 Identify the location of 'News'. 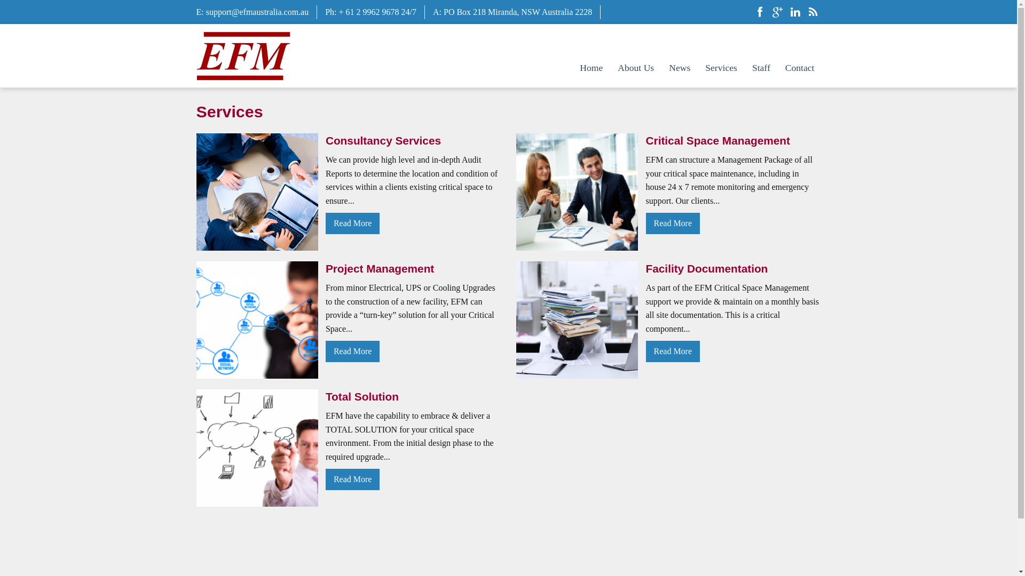
(662, 68).